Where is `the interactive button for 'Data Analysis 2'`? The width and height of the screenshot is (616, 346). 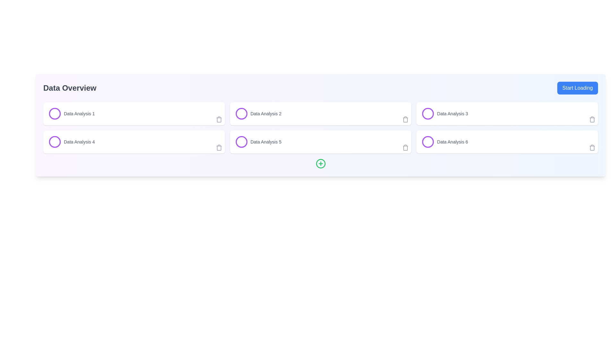 the interactive button for 'Data Analysis 2' is located at coordinates (258, 113).